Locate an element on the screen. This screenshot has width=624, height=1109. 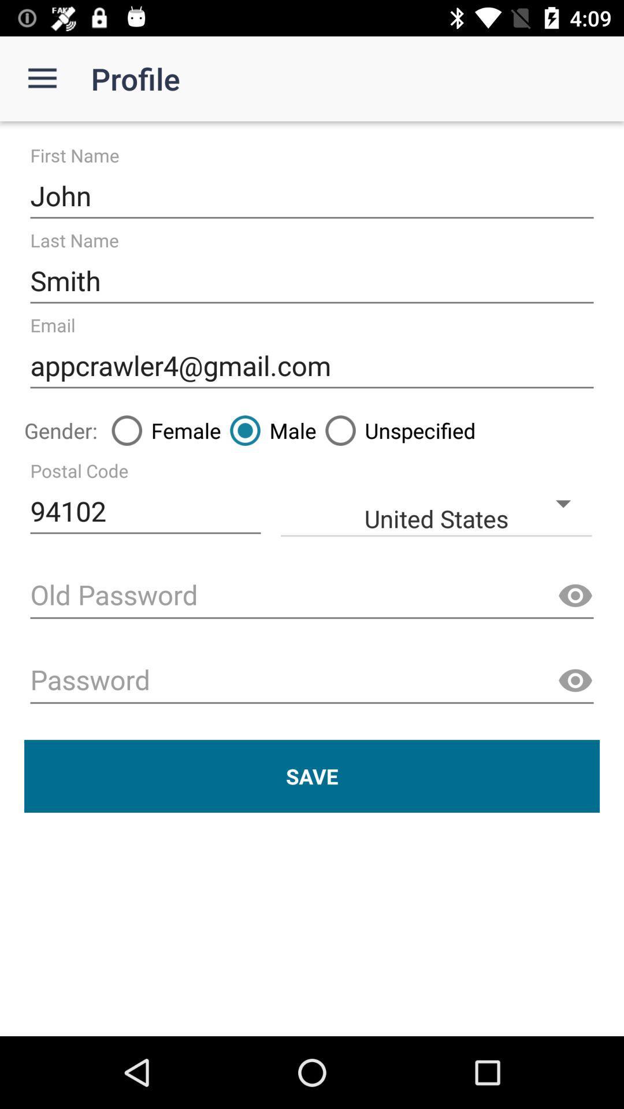
the icon above the female icon is located at coordinates (312, 365).